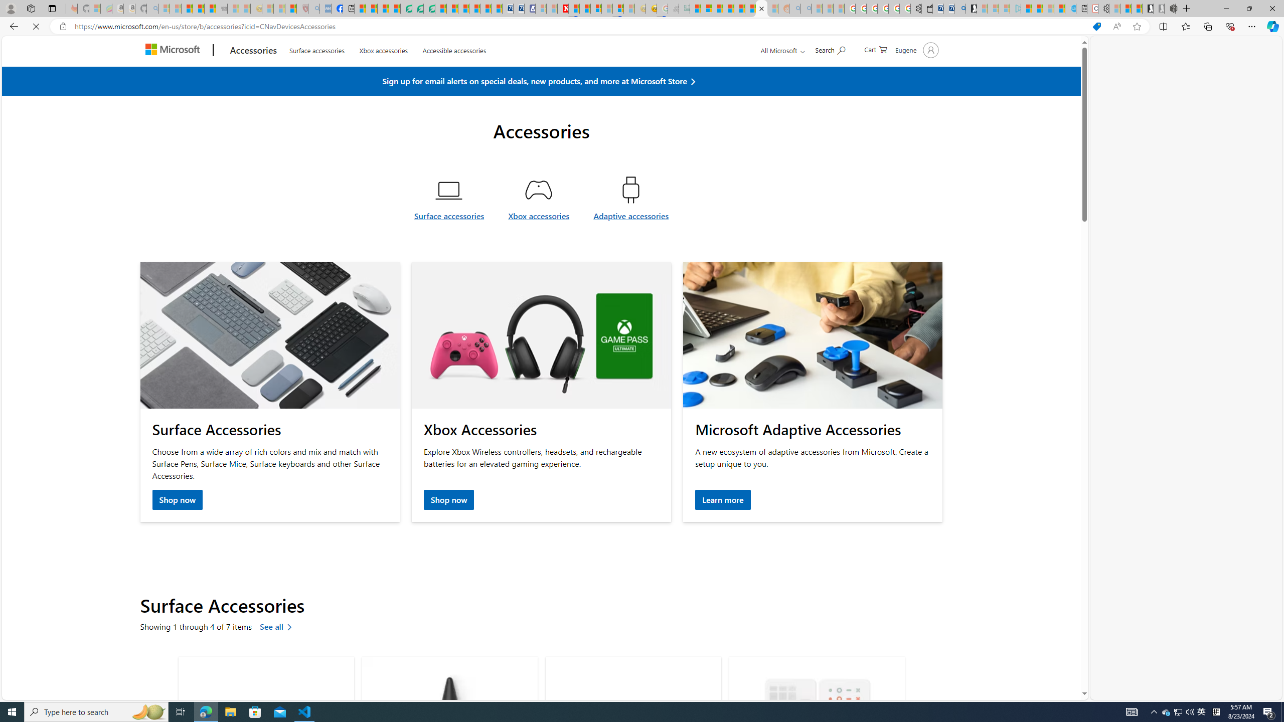 This screenshot has width=1284, height=722. Describe the element at coordinates (750, 8) in the screenshot. I see `'Kinda Frugal - MSN'` at that location.